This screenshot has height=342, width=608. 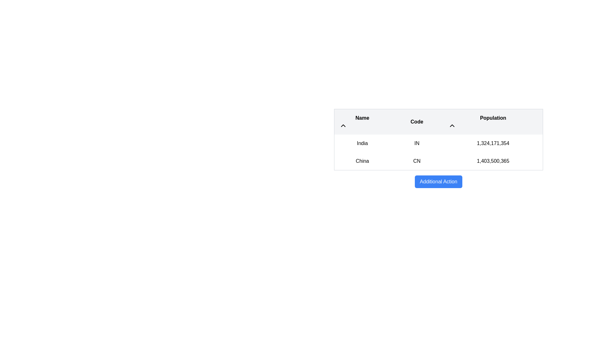 What do you see at coordinates (362, 161) in the screenshot?
I see `the 'China' text element in the second row of the table` at bounding box center [362, 161].